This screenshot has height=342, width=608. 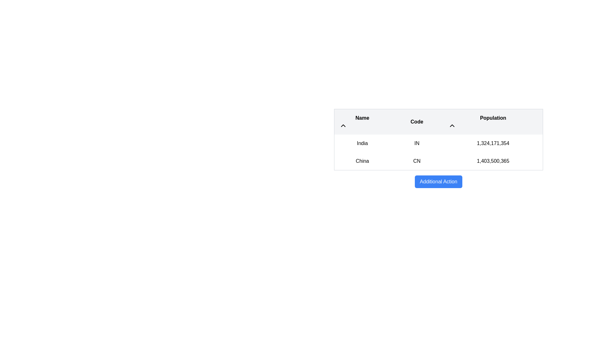 What do you see at coordinates (362, 161) in the screenshot?
I see `the 'China' text element in the second row of the table` at bounding box center [362, 161].